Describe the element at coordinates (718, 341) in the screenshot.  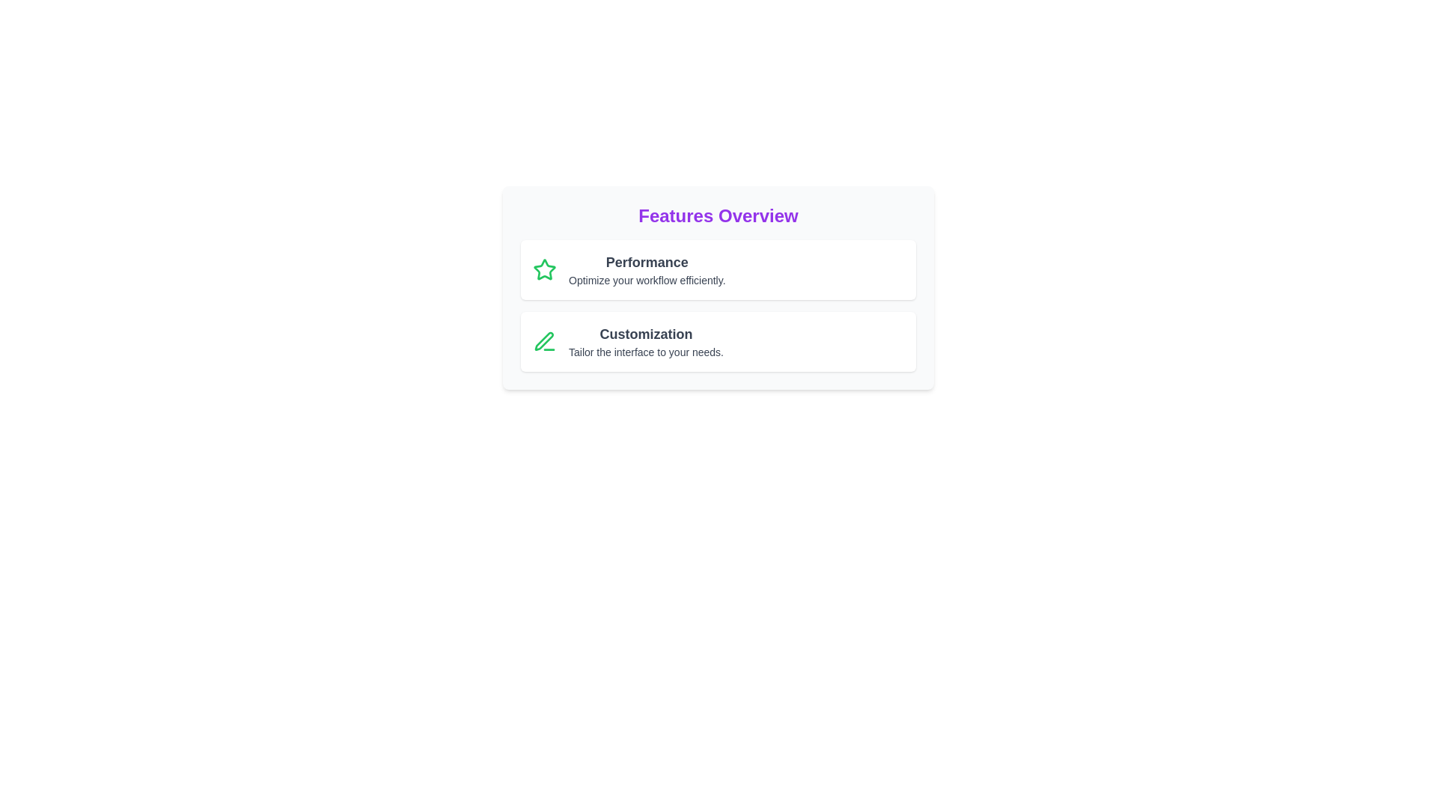
I see `the Feature Description Block that provides information about customization options available in the application, positioned below the 'Performance' element` at that location.